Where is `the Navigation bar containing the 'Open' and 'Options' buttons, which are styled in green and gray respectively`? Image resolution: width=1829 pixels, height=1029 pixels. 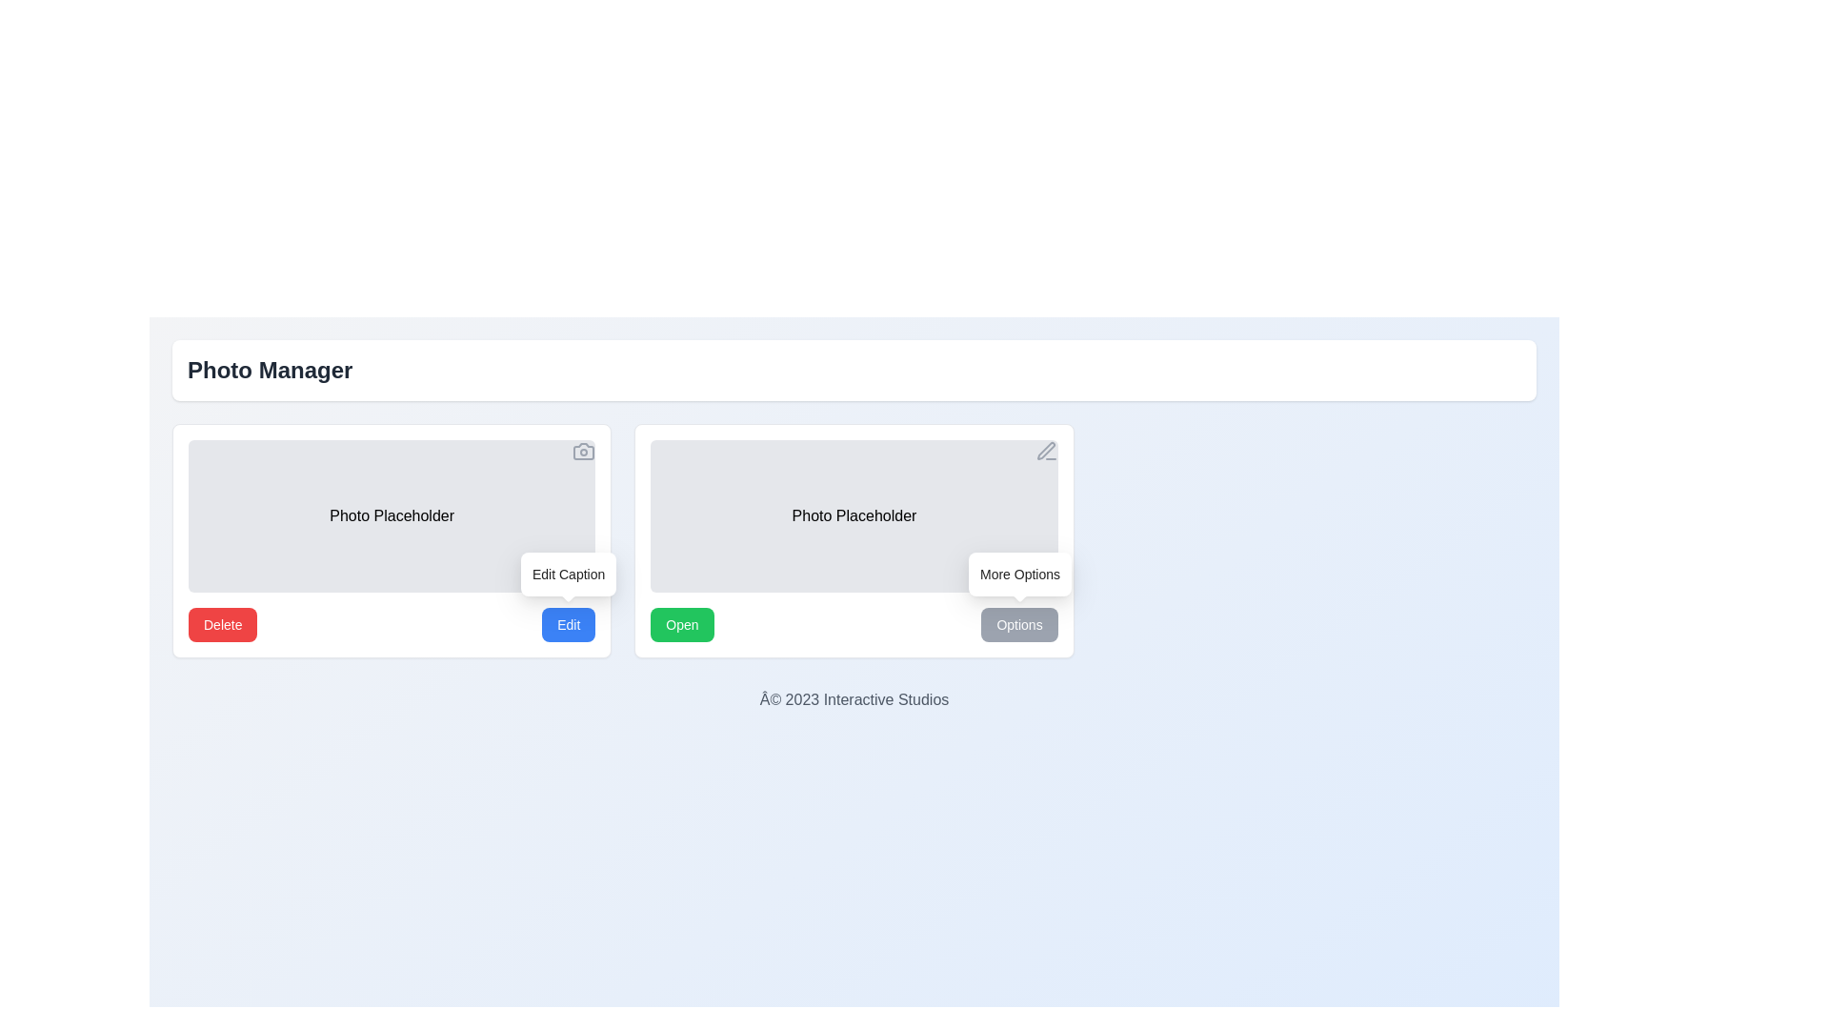 the Navigation bar containing the 'Open' and 'Options' buttons, which are styled in green and gray respectively is located at coordinates (854, 624).